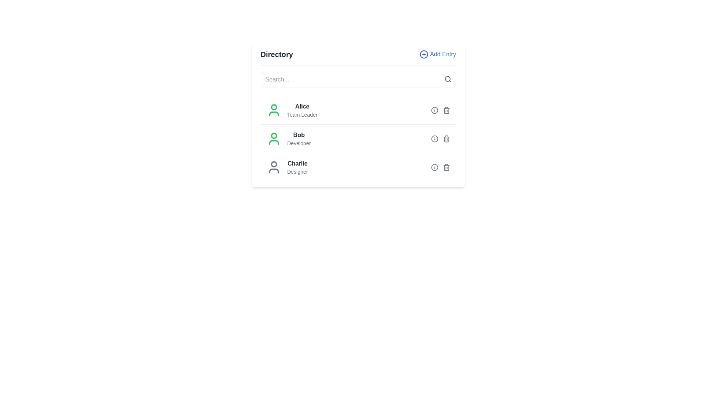  What do you see at coordinates (358, 115) in the screenshot?
I see `individual items within the directory display card, which is centrally located beneath the search bar and contains a vertically aligned list of entries` at bounding box center [358, 115].